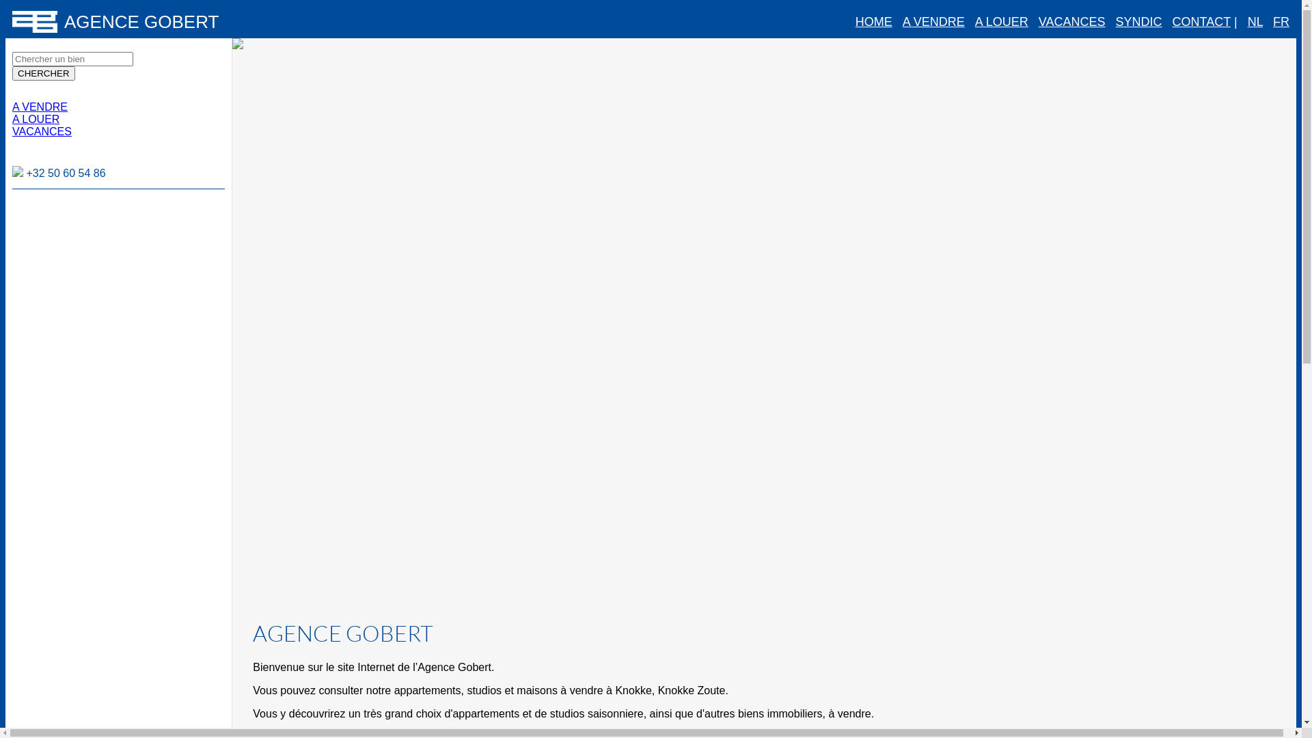 The width and height of the screenshot is (1312, 738). What do you see at coordinates (1255, 21) in the screenshot?
I see `'NL'` at bounding box center [1255, 21].